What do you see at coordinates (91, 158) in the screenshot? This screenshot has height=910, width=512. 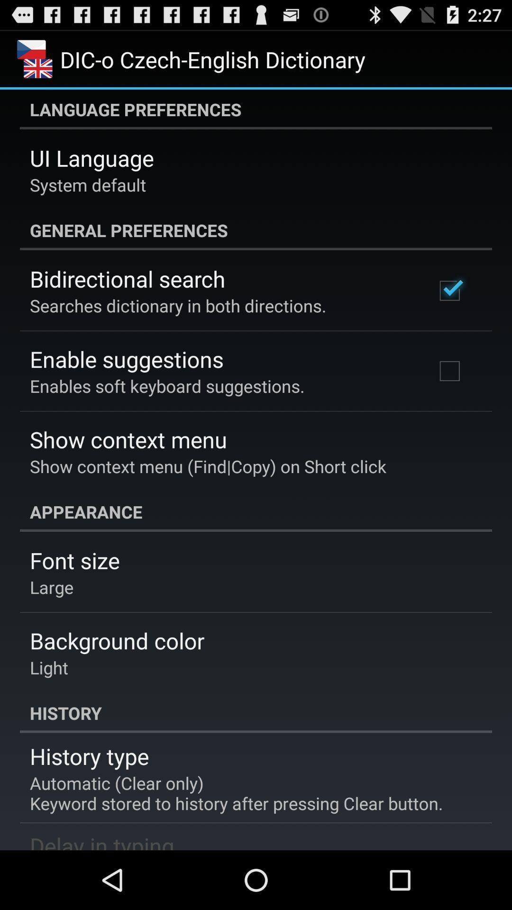 I see `item above system default` at bounding box center [91, 158].